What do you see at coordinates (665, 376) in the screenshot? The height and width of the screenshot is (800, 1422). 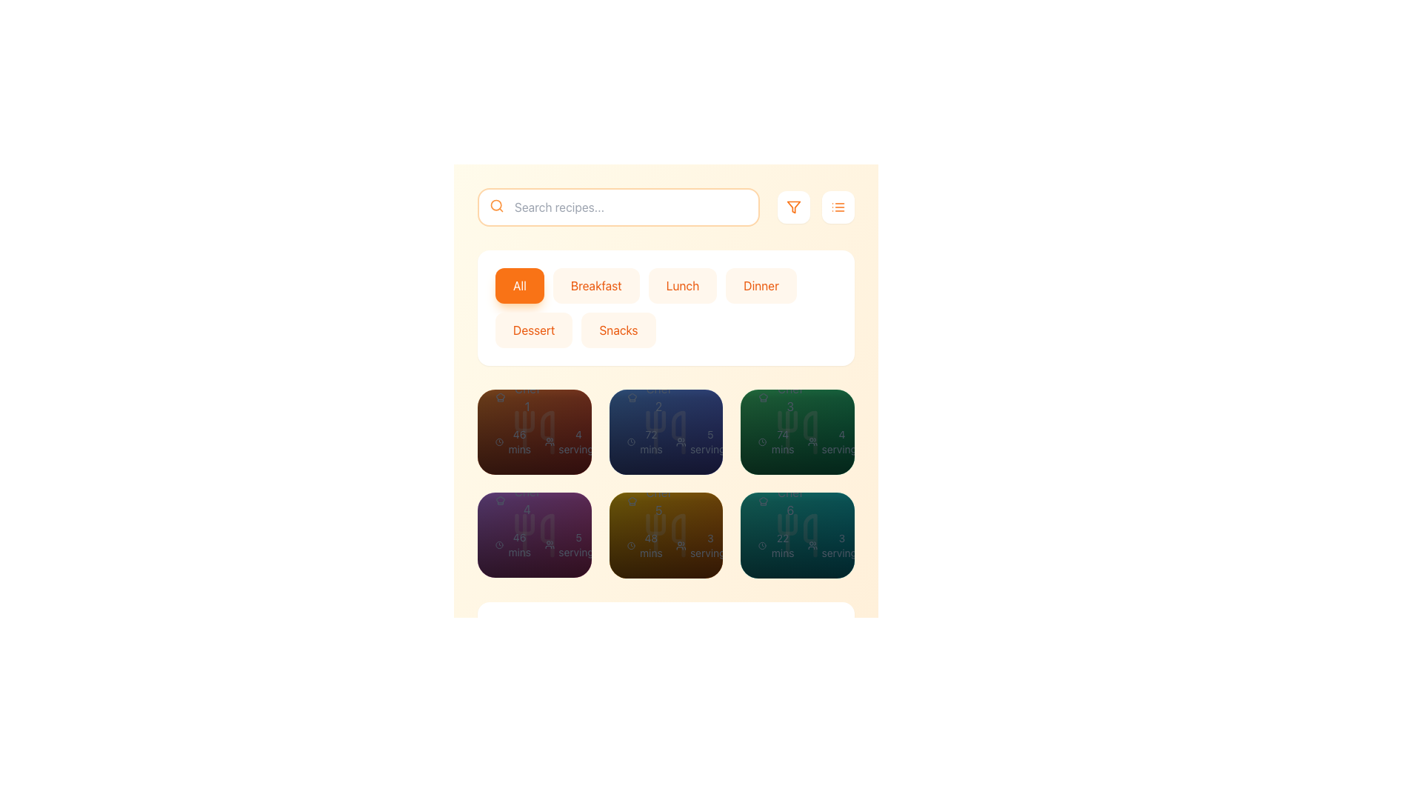 I see `the recipe overview element that displays the title, associated chef, and average rating, located in the first row of recipe tiles under the 'Snacks' filter button, specifically in the middle column` at bounding box center [665, 376].